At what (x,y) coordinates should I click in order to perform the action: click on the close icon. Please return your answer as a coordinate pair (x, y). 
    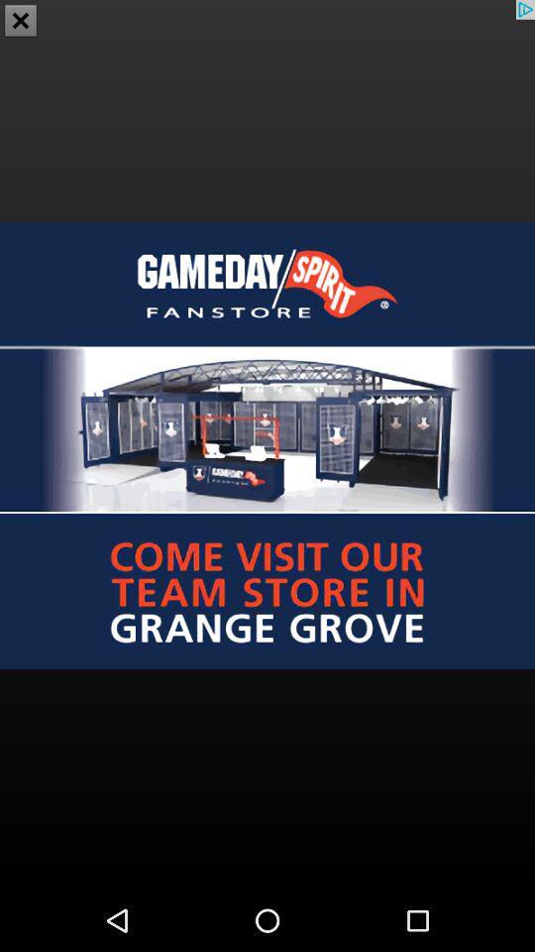
    Looking at the image, I should click on (20, 21).